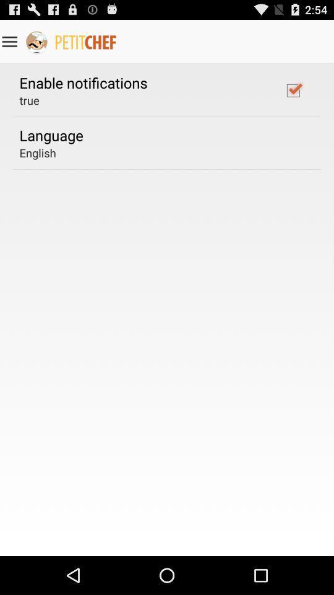 The height and width of the screenshot is (595, 334). What do you see at coordinates (29, 99) in the screenshot?
I see `true` at bounding box center [29, 99].